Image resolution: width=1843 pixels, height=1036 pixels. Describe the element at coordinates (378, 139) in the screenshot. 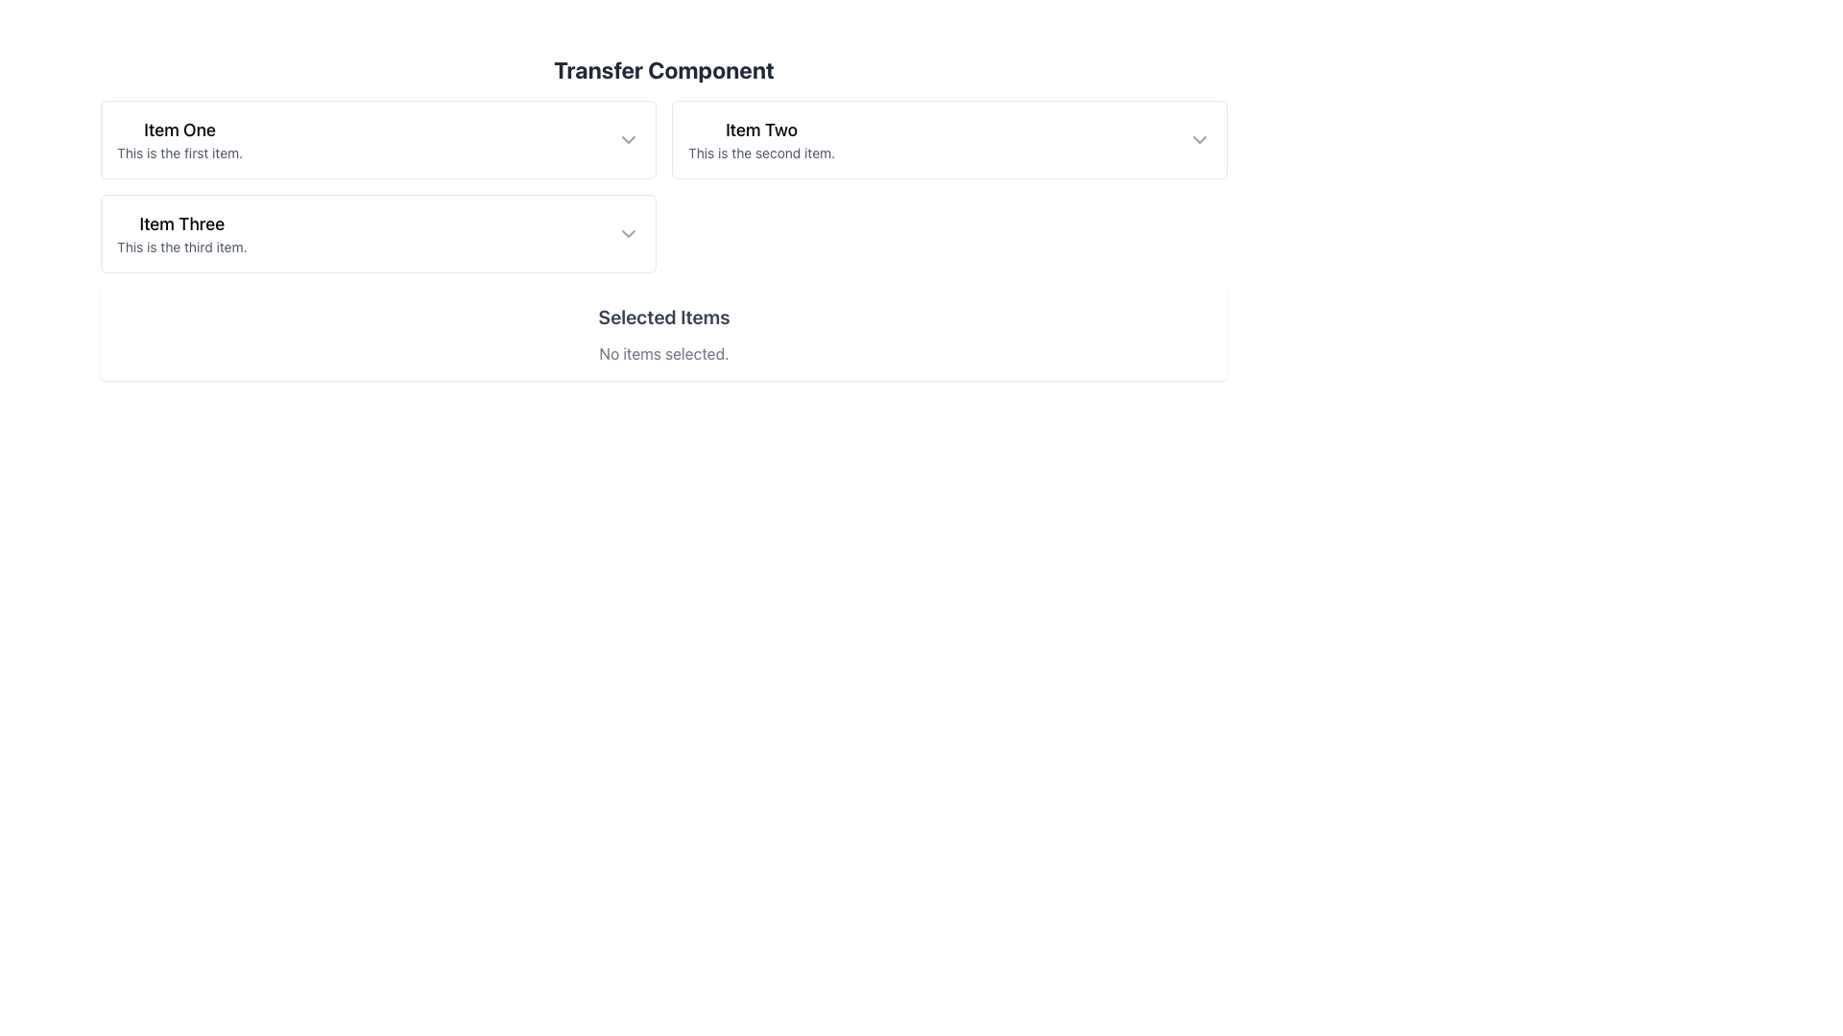

I see `the dropdown arrow of the first interactive list item in the top-left corner of the grid layout` at that location.